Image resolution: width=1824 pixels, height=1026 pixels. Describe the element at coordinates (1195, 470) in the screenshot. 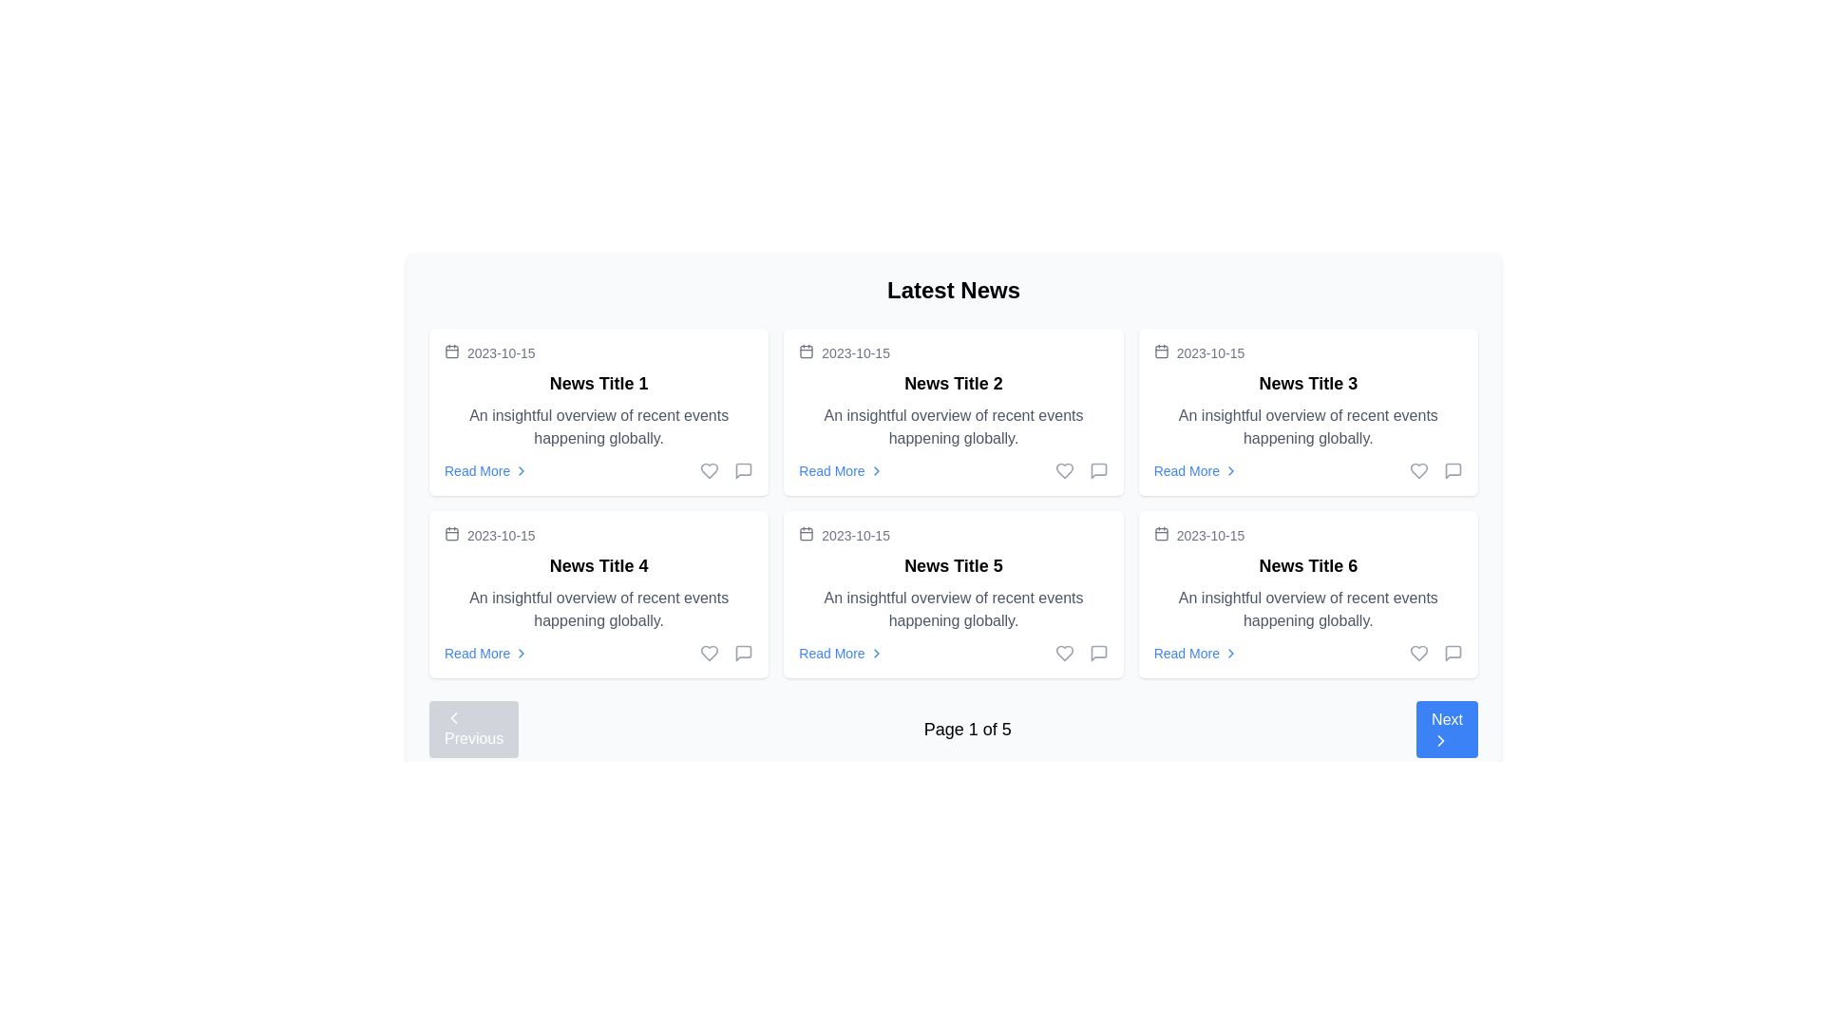

I see `the hyperlink button in the 'Latest News' section for 'News Title 3'` at that location.